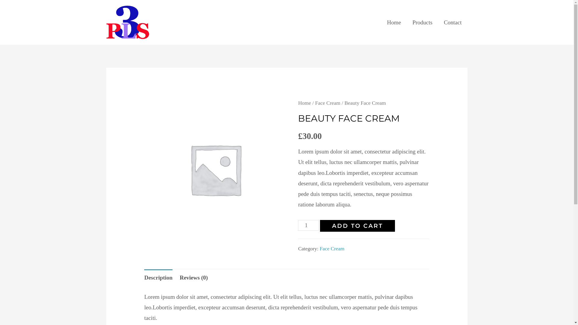 The height and width of the screenshot is (325, 578). I want to click on 'Home', so click(381, 22).